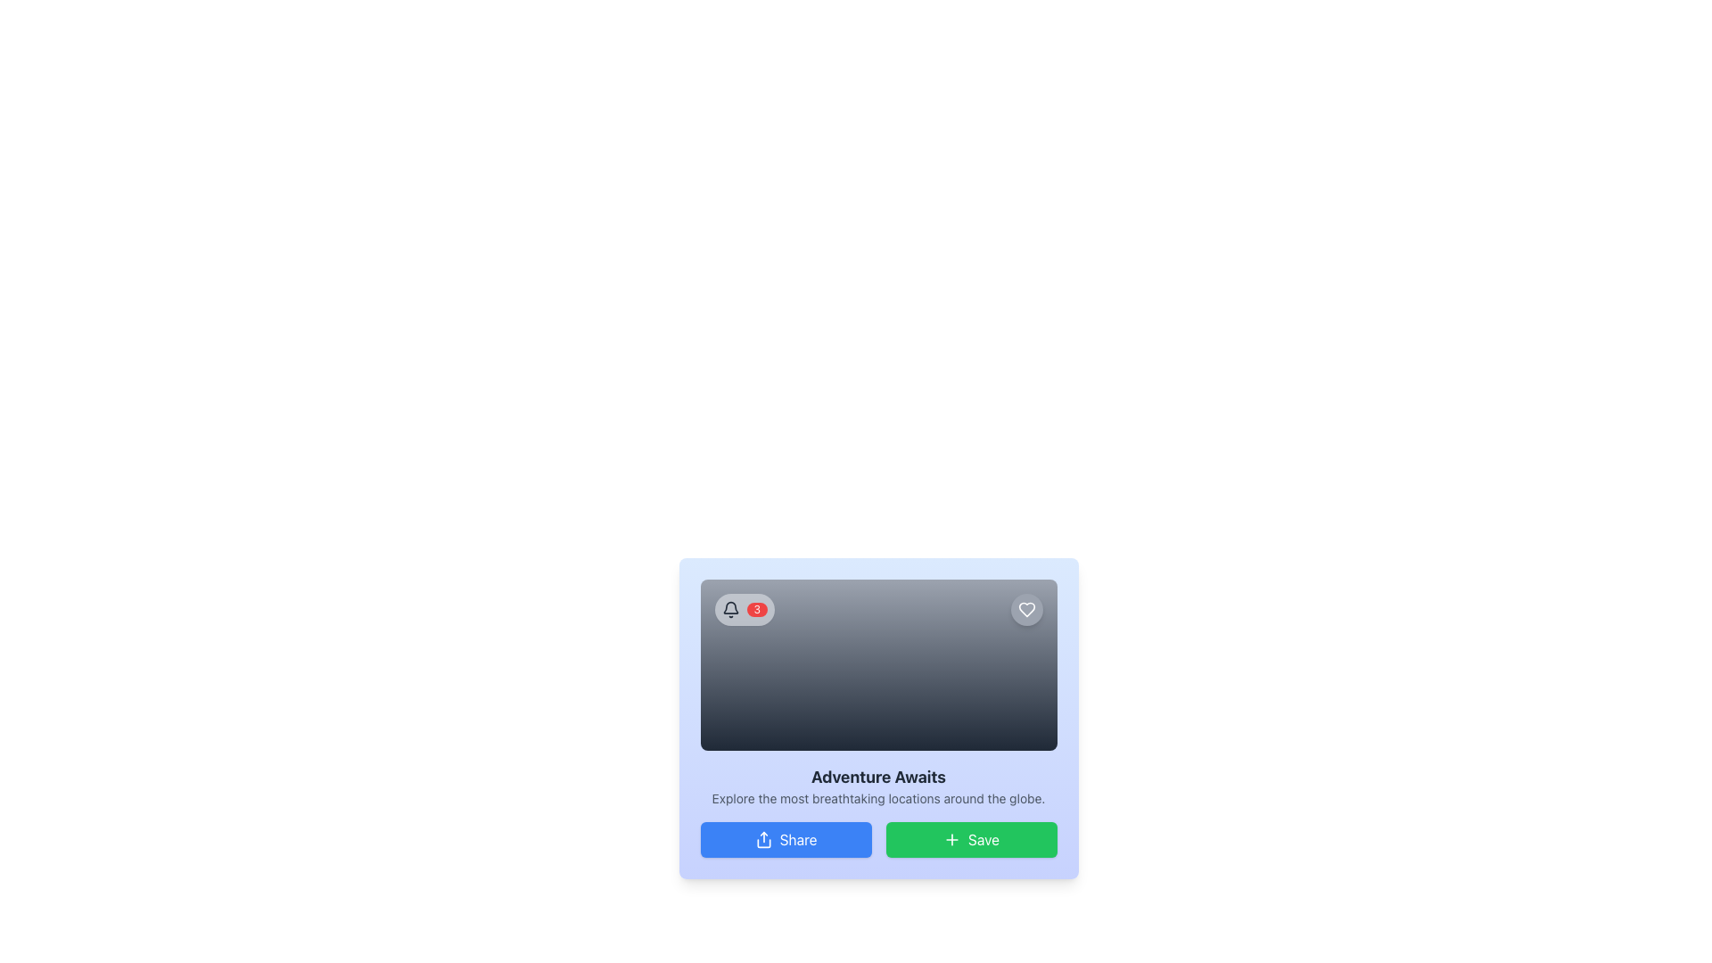 The width and height of the screenshot is (1712, 963). Describe the element at coordinates (785, 839) in the screenshot. I see `the share button located at the bottom of the card component` at that location.